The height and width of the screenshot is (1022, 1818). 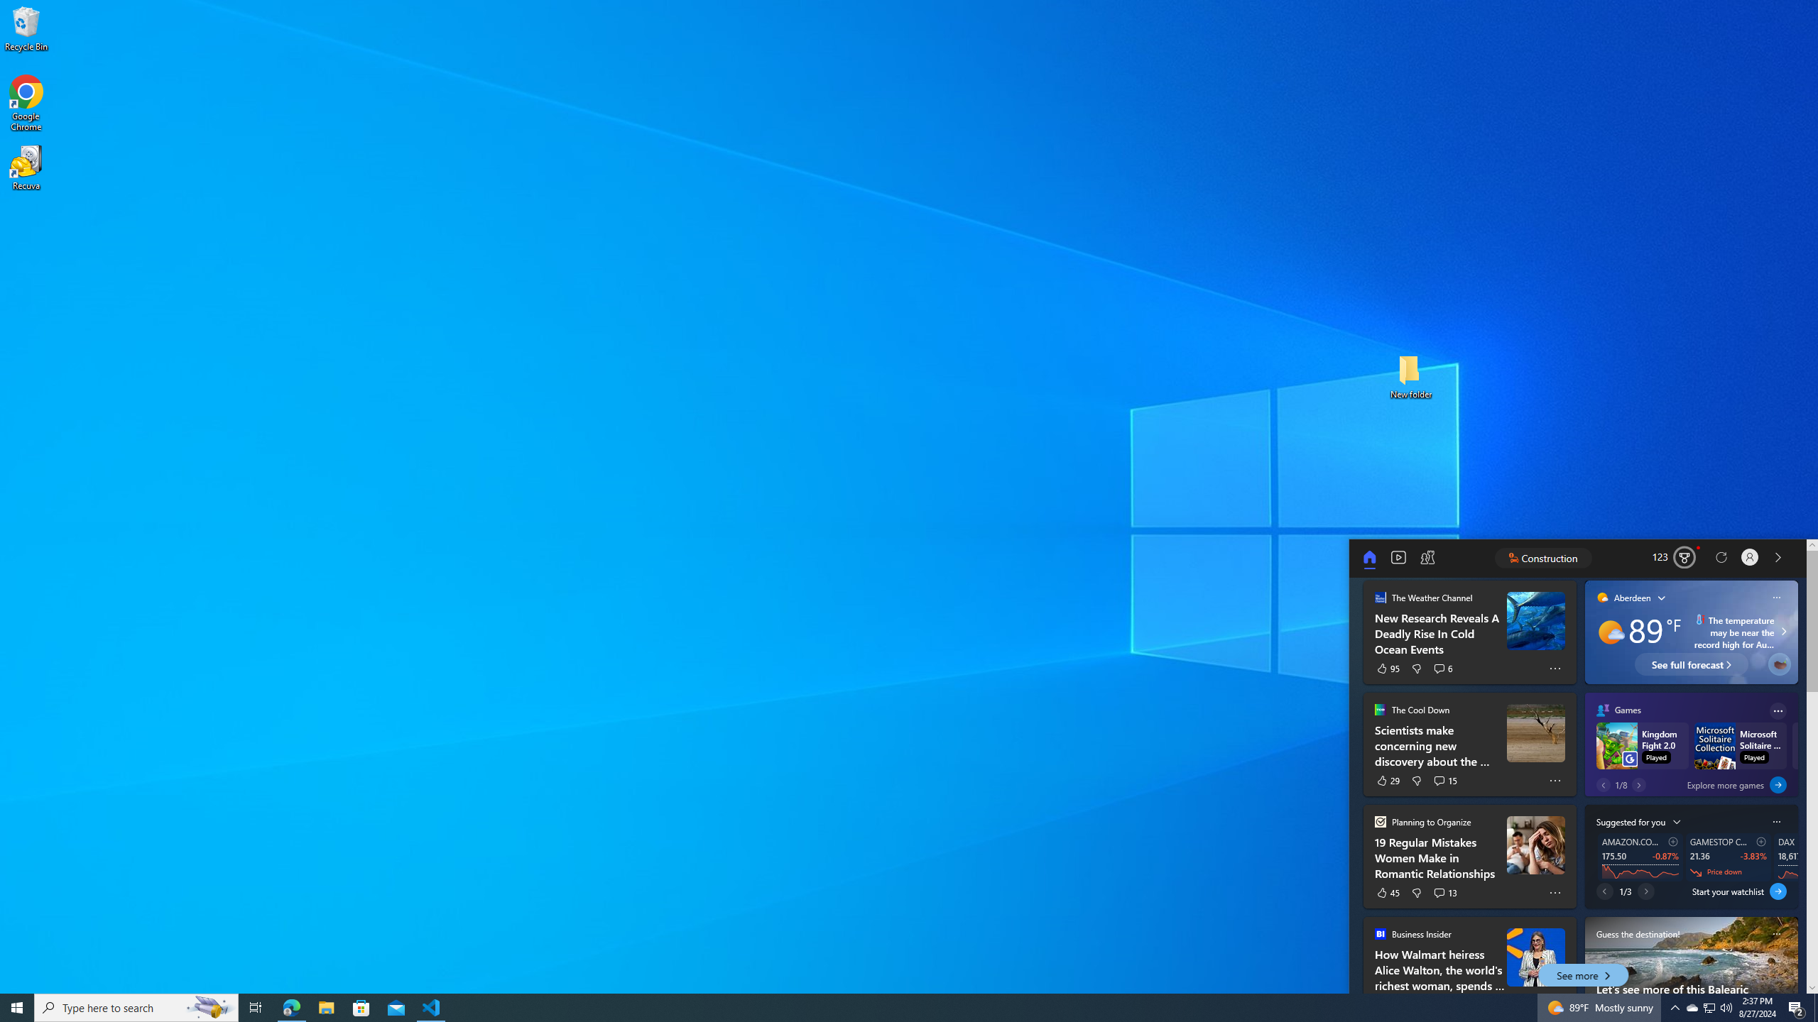 What do you see at coordinates (1797, 1006) in the screenshot?
I see `'Action Center, 2 new notifications'` at bounding box center [1797, 1006].